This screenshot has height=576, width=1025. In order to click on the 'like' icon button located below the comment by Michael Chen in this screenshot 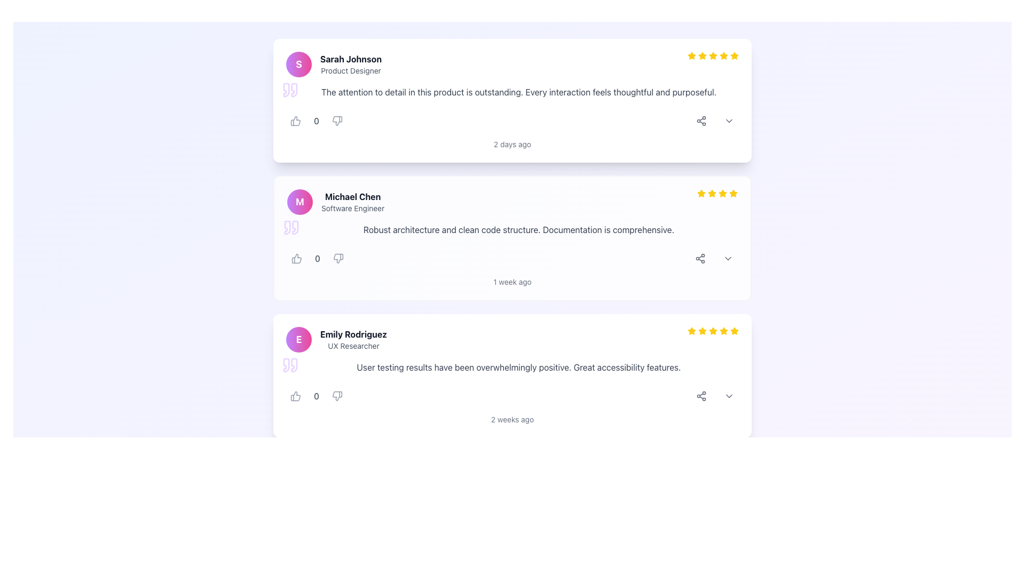, I will do `click(297, 259)`.